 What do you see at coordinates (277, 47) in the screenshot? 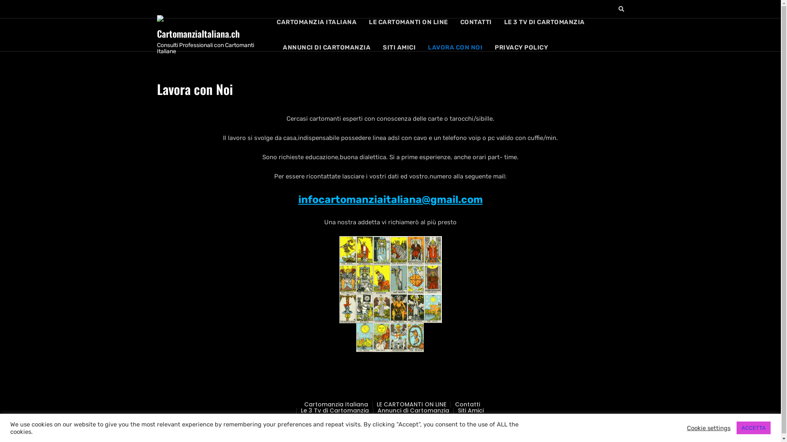
I see `'ANNUNCI DI CARTOMANZIA'` at bounding box center [277, 47].